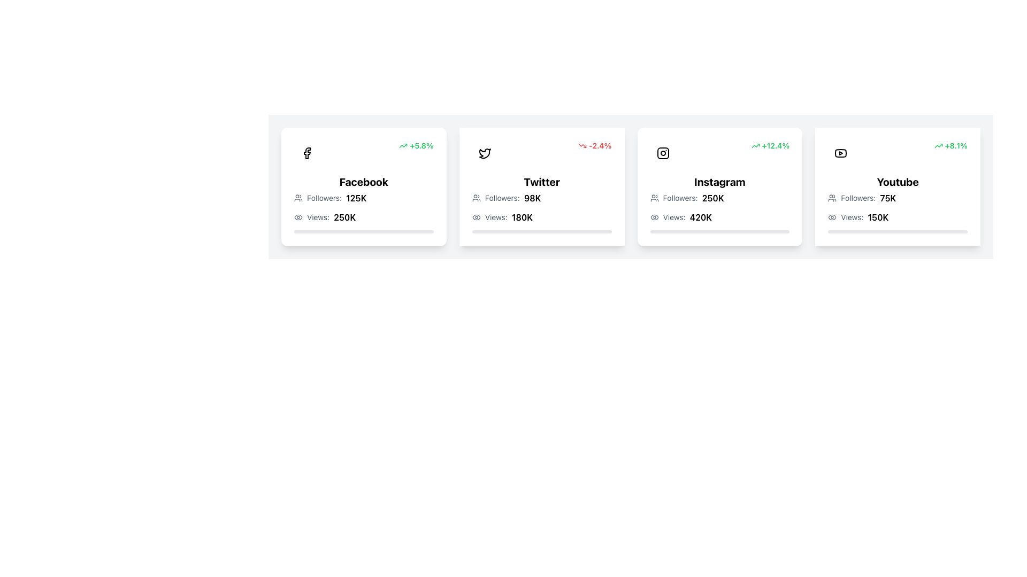  What do you see at coordinates (888, 198) in the screenshot?
I see `the text display showing '75K' which indicates follower count in bold font, positioned after 'Followers:' in the YouTube card` at bounding box center [888, 198].